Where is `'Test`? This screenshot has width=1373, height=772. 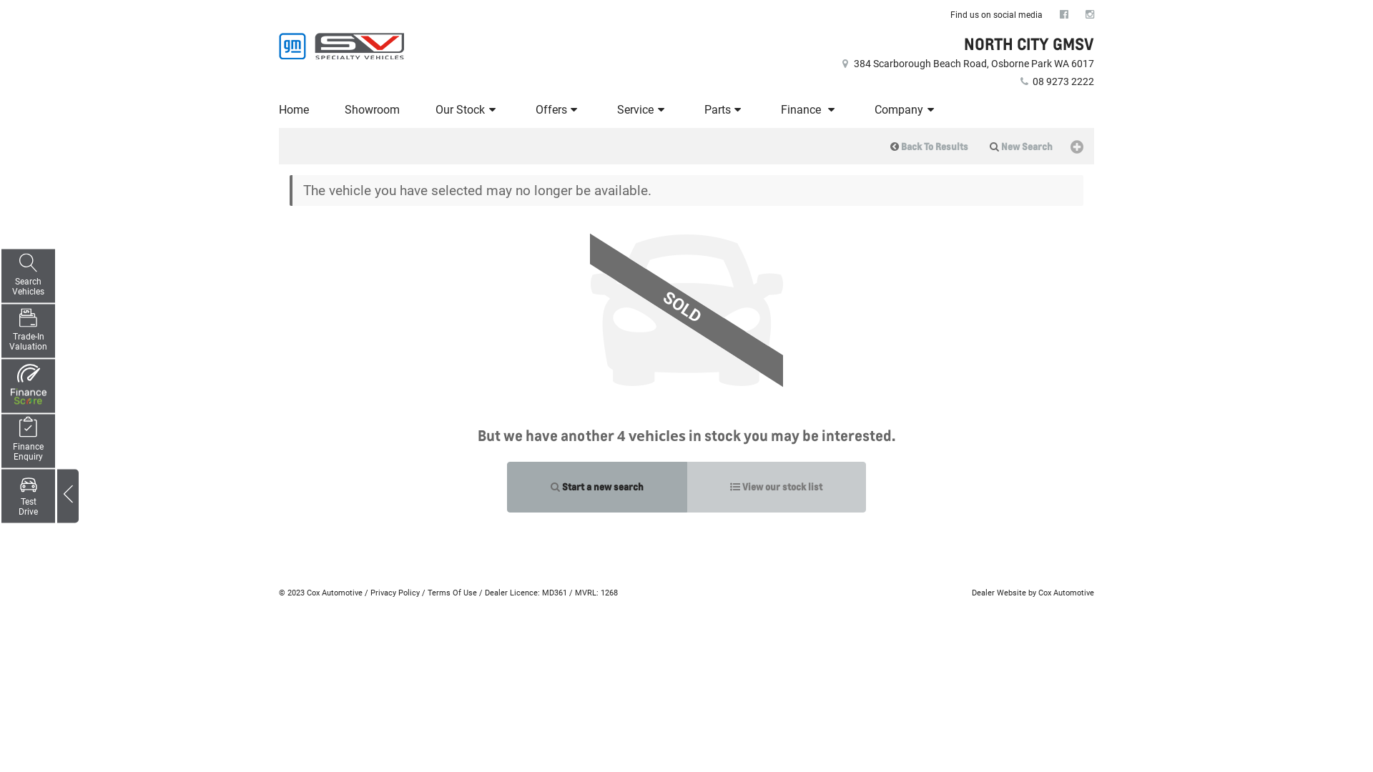
'Test is located at coordinates (28, 495).